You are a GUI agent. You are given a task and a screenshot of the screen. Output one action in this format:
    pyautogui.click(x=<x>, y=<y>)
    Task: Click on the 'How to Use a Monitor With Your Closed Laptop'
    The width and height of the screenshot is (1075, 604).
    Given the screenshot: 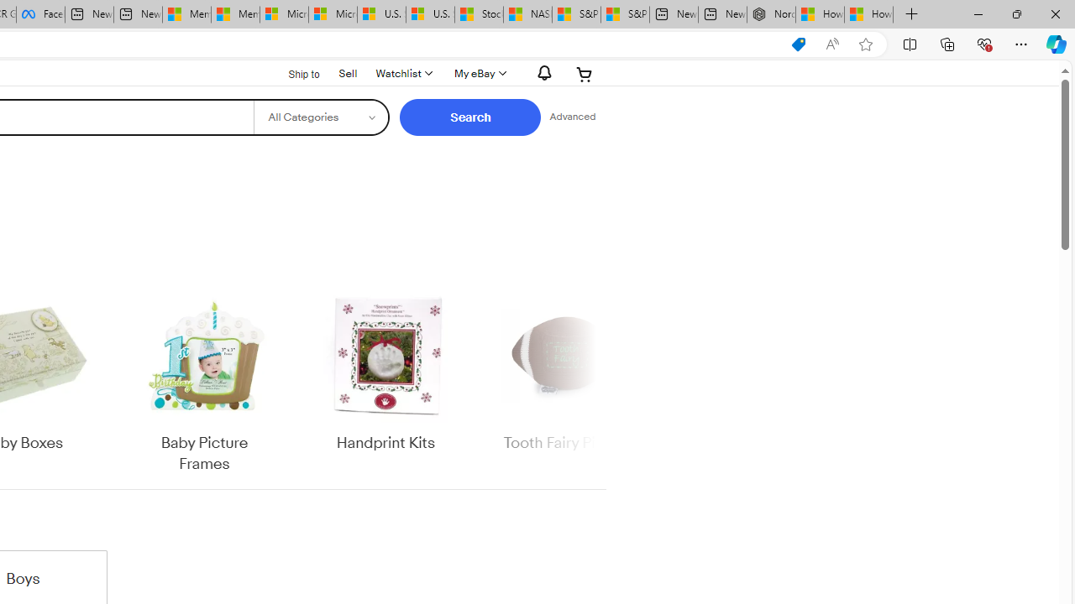 What is the action you would take?
    pyautogui.click(x=868, y=14)
    